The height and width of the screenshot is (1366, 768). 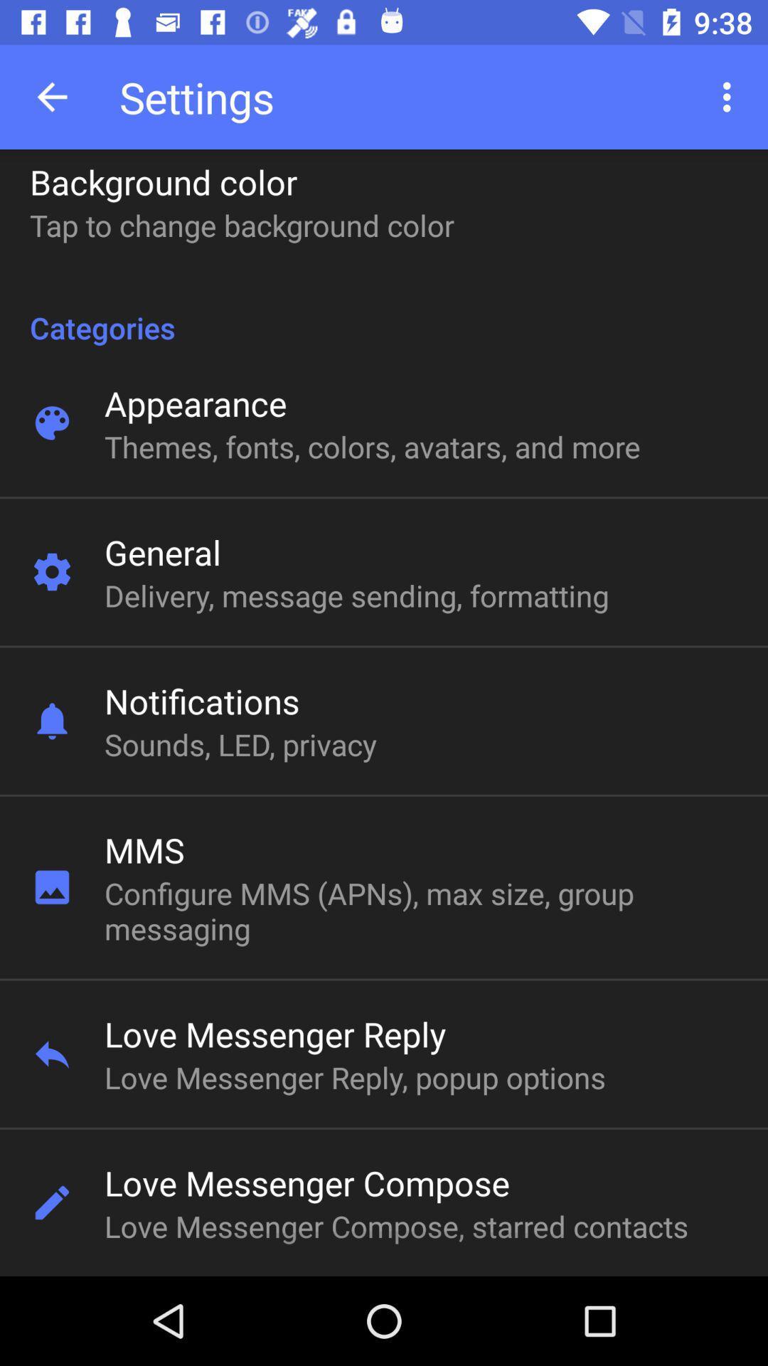 I want to click on icon above the general, so click(x=371, y=445).